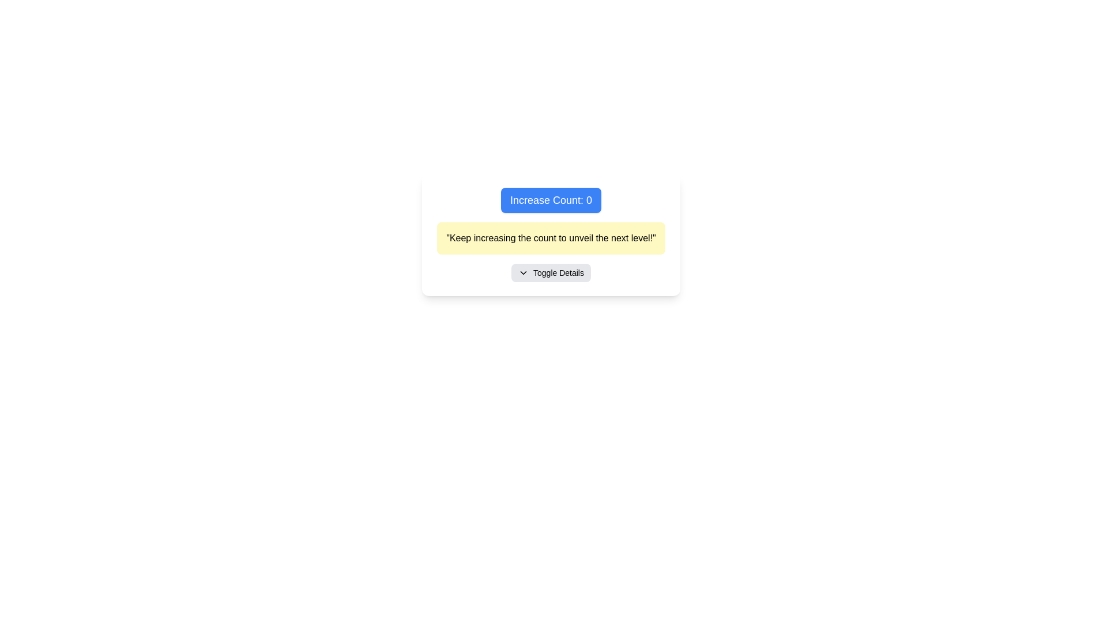  I want to click on the down-pointing chevron icon that is part of the 'Toggle Details' button, located to the left of the button's text label, so click(522, 273).